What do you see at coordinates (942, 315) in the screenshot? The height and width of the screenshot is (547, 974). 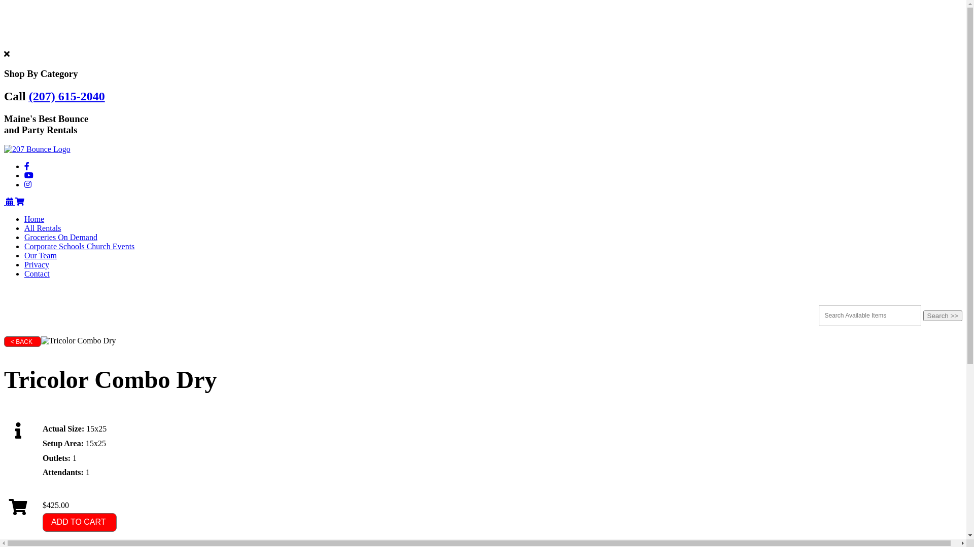 I see `'Search >>'` at bounding box center [942, 315].